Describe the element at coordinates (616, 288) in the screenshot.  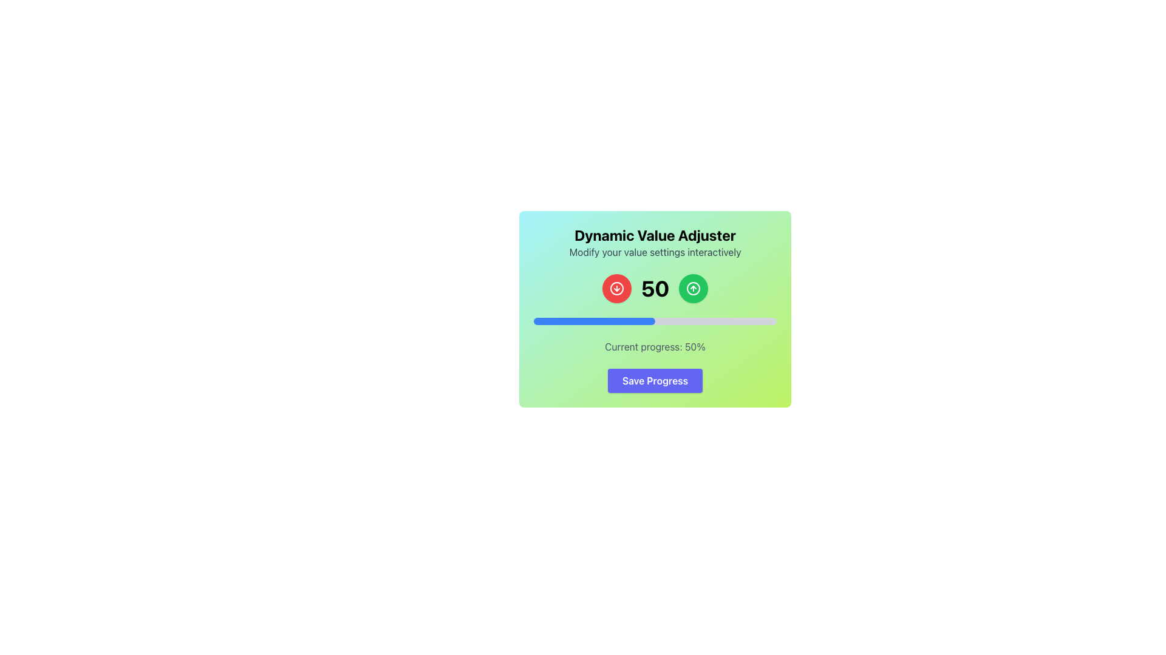
I see `the decrement button located to the left of the number '50'` at that location.